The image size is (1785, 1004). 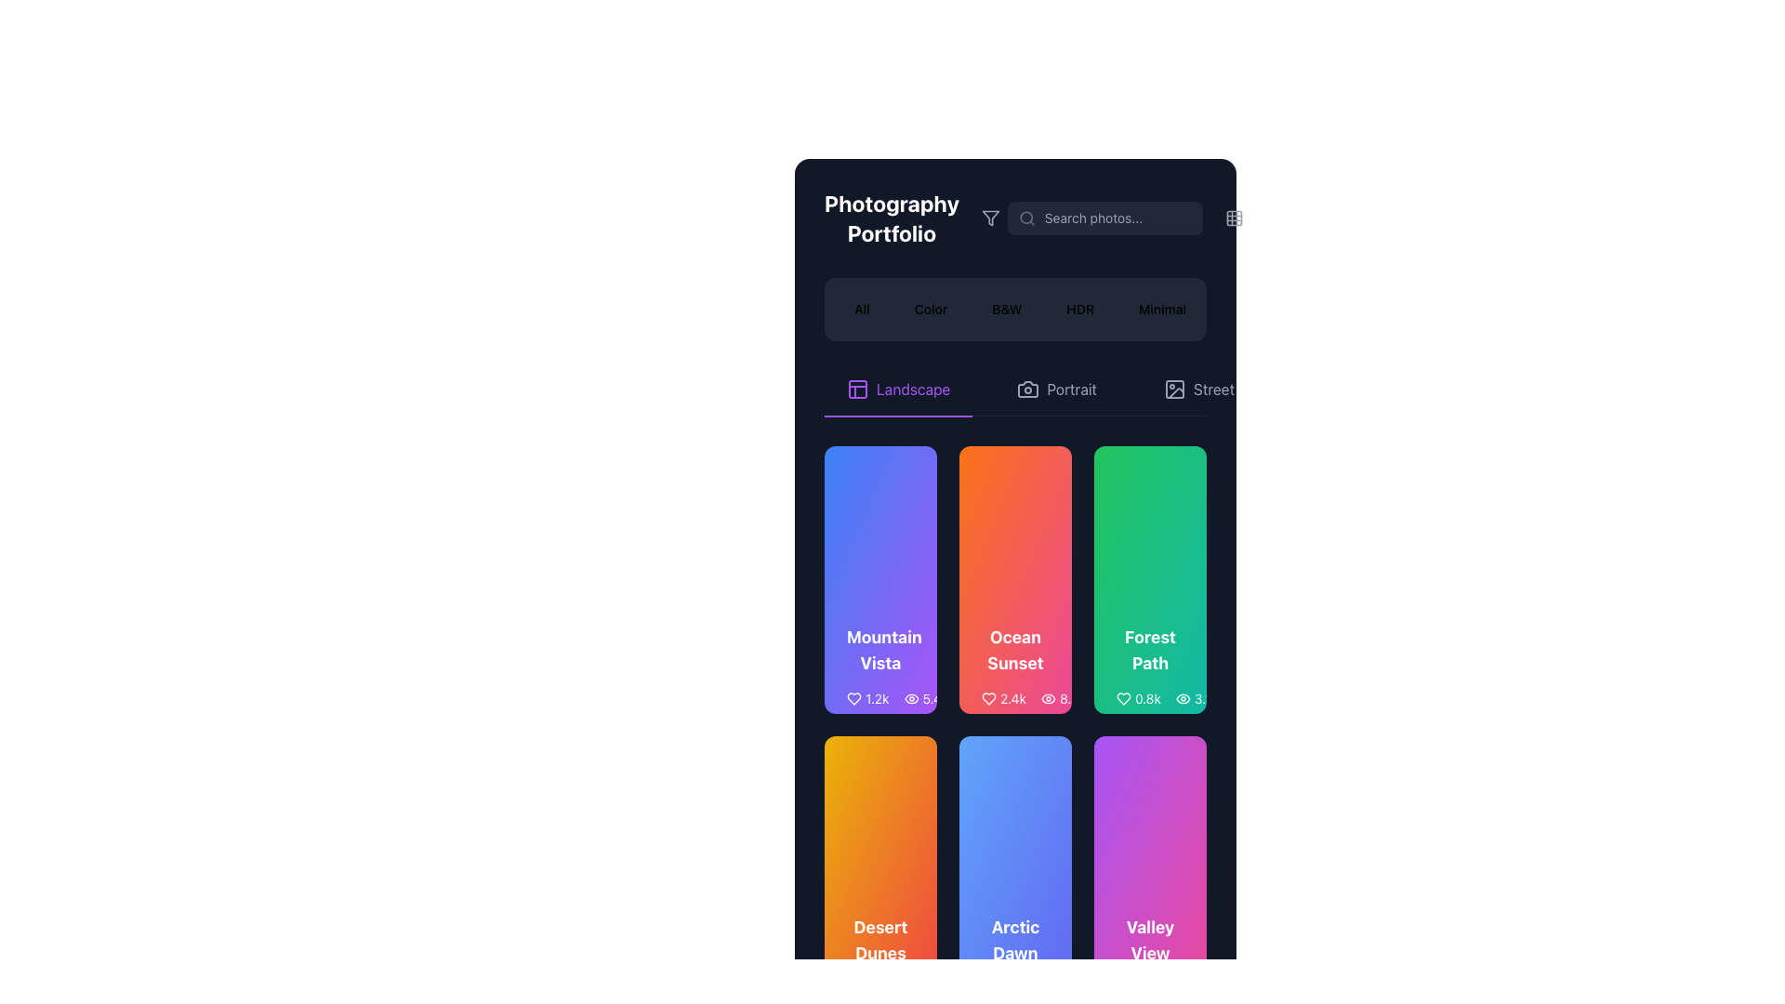 I want to click on the 'Ocean Sunset' text label, which is styled with white bold lettering and located in the second card of the top row in the 'Landscape' category, so click(x=1014, y=649).